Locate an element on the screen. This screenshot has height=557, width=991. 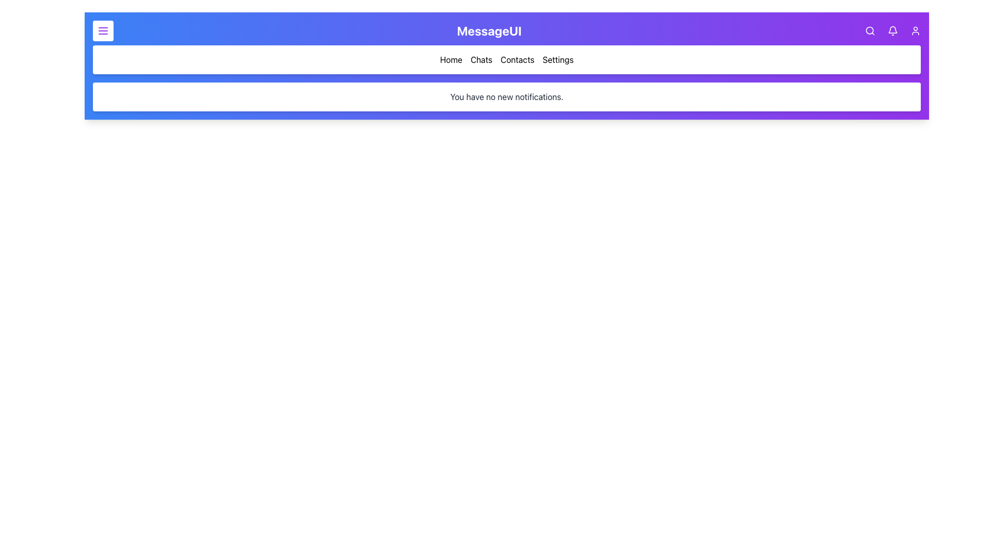
the 'Contacts' label in the Navigation bar is located at coordinates (507, 59).